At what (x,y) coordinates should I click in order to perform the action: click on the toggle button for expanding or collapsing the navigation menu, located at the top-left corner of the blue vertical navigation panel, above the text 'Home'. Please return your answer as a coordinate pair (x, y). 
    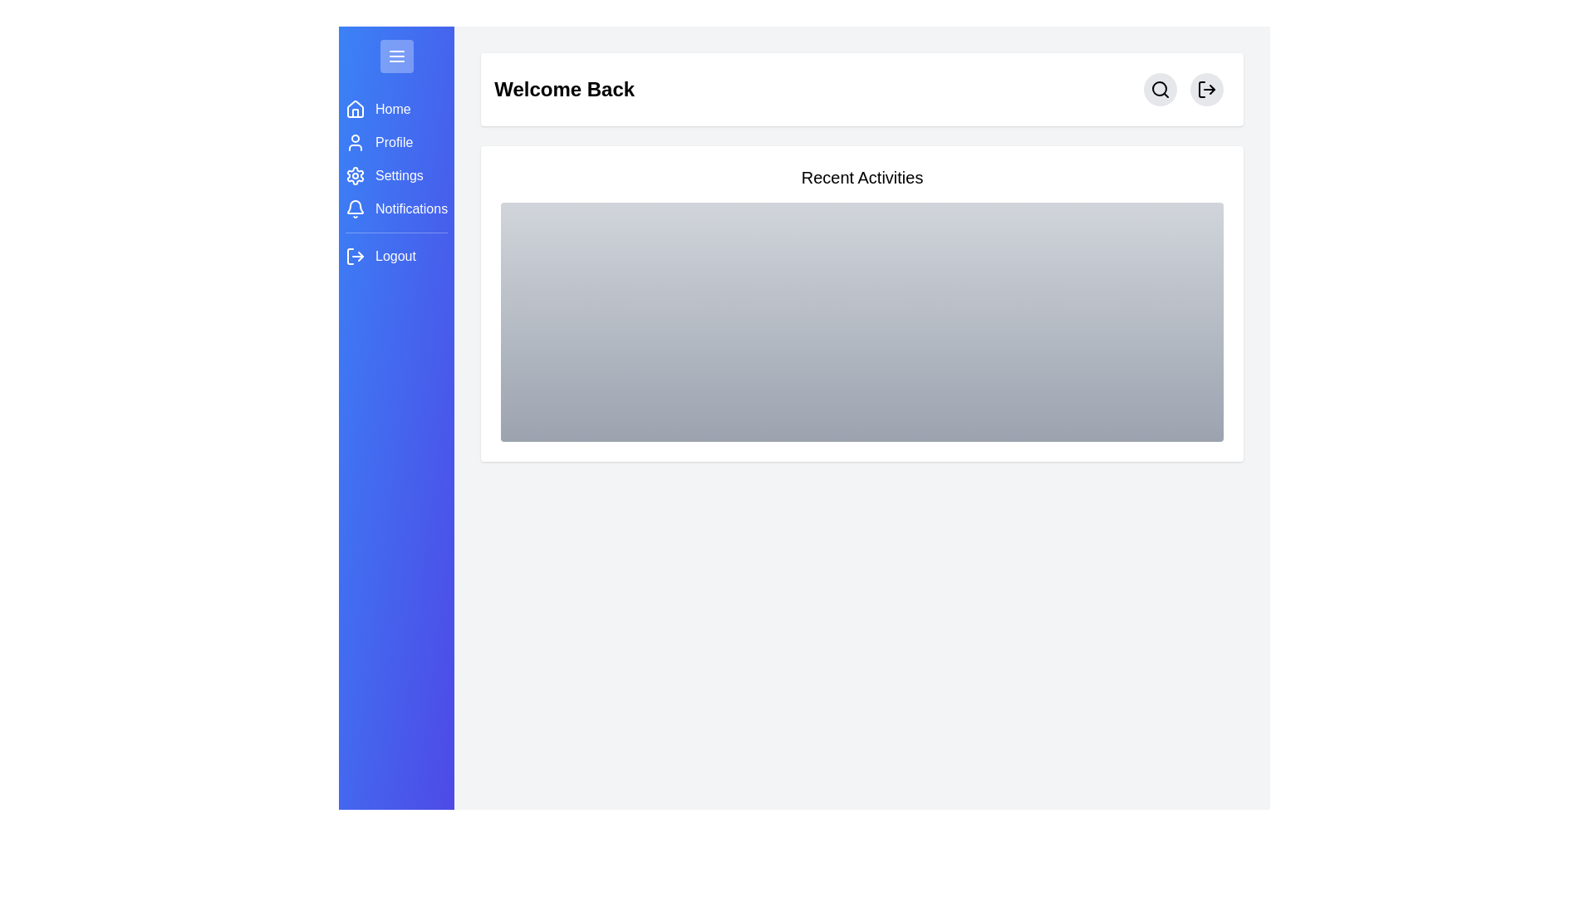
    Looking at the image, I should click on (395, 56).